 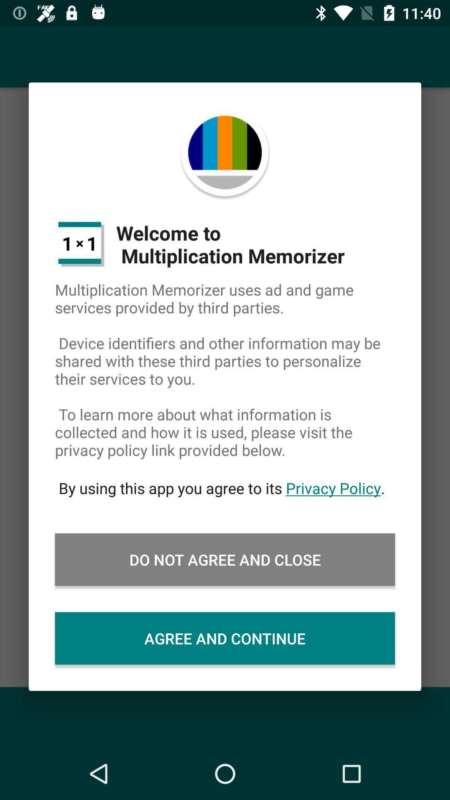 What do you see at coordinates (225, 560) in the screenshot?
I see `the do not agree item` at bounding box center [225, 560].